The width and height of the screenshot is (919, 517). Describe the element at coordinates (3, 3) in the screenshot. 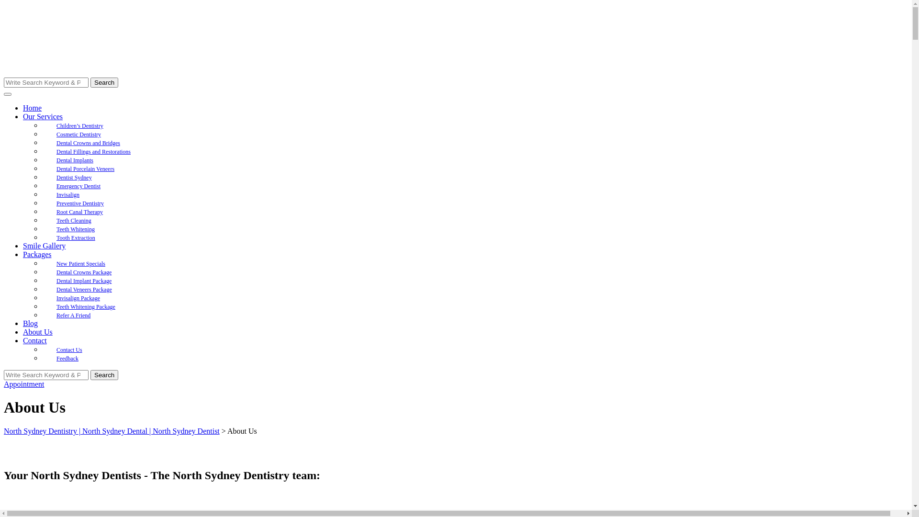

I see `'Skip to content'` at that location.